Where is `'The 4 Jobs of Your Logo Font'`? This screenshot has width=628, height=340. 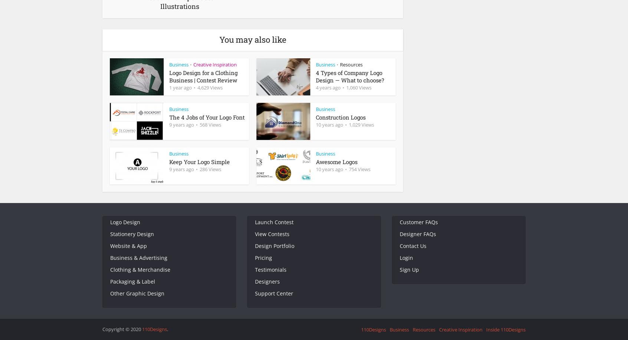 'The 4 Jobs of Your Logo Font' is located at coordinates (207, 117).